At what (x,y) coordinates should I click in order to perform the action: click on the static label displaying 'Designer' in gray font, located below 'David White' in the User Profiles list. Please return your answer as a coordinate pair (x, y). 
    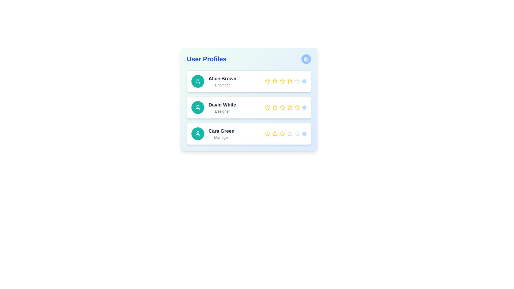
    Looking at the image, I should click on (222, 111).